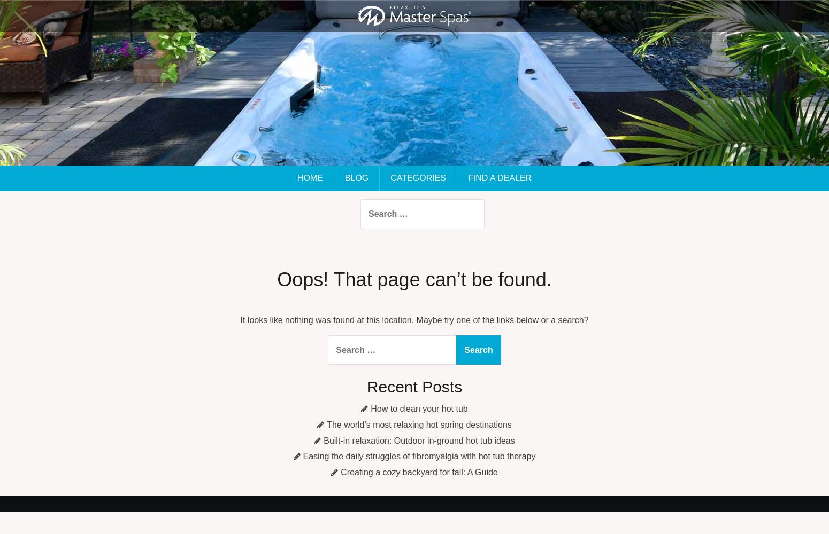  What do you see at coordinates (323, 439) in the screenshot?
I see `'Built-in relaxation: Outdoor in-ground hot tub ideas'` at bounding box center [323, 439].